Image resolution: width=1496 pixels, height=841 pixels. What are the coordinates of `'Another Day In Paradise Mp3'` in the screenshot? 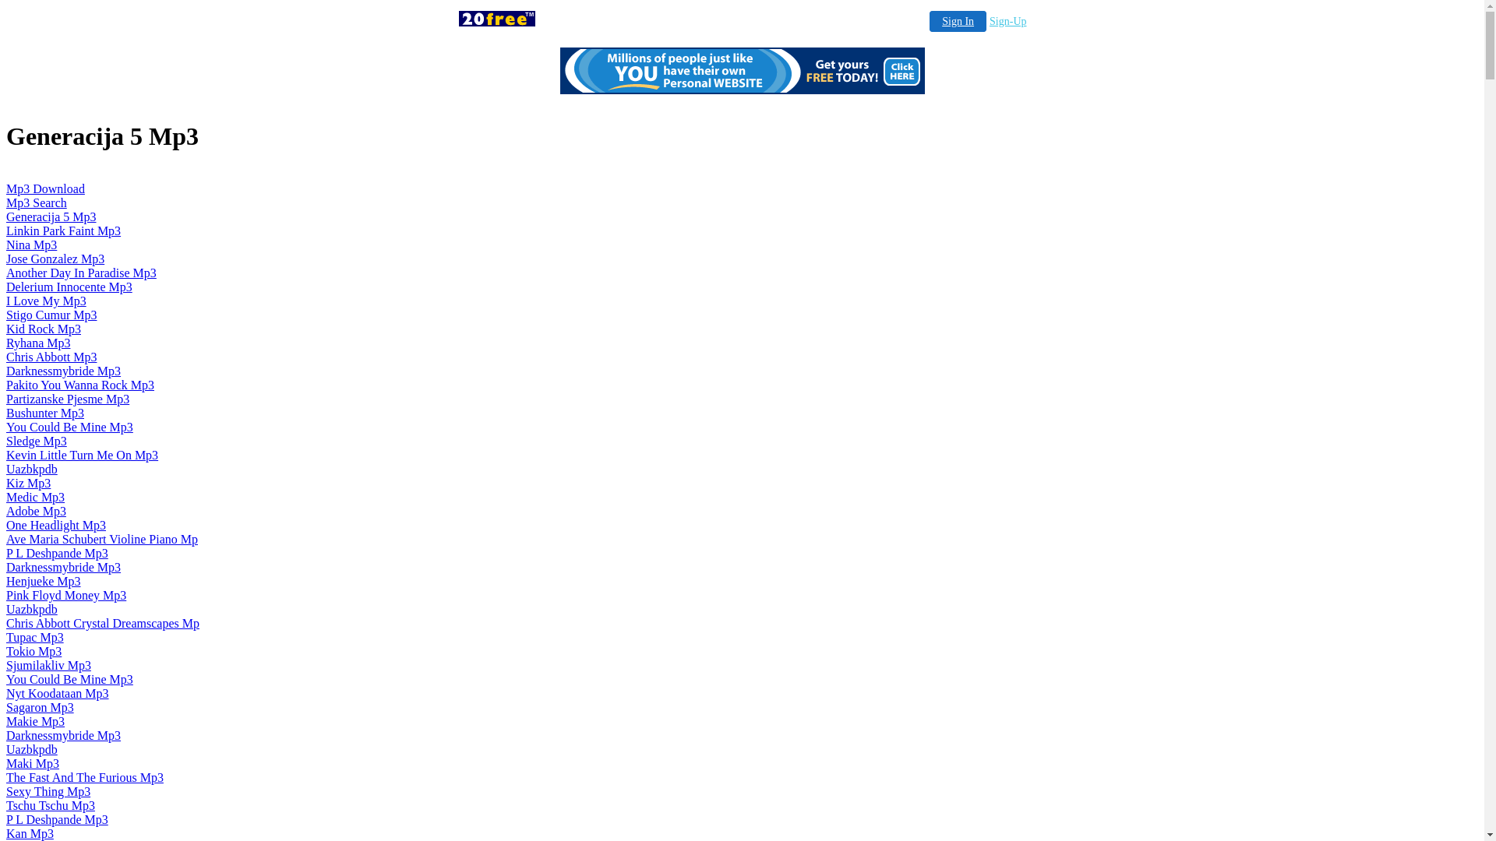 It's located at (80, 272).